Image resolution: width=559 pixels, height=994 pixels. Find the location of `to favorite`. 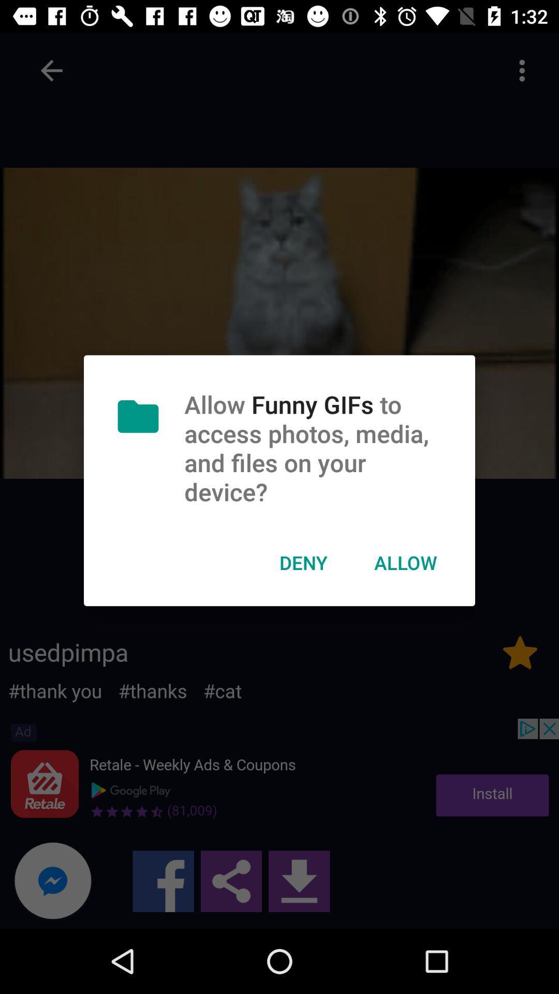

to favorite is located at coordinates (520, 652).